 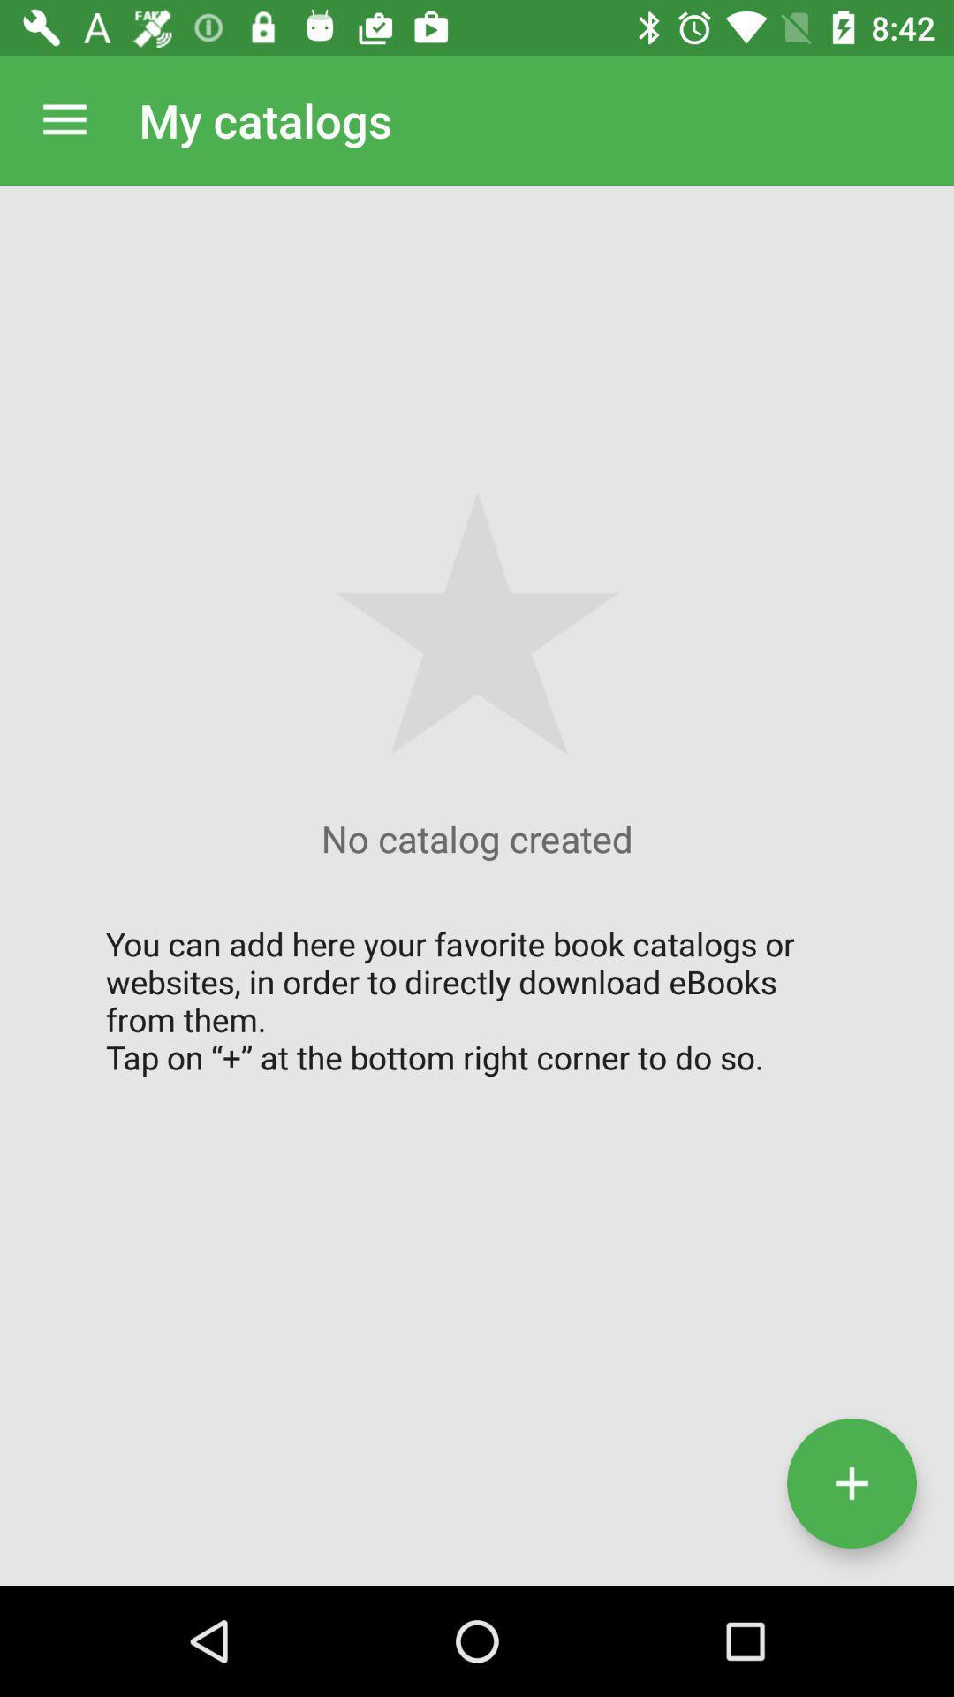 What do you see at coordinates (64, 119) in the screenshot?
I see `the icon next to the my catalogs icon` at bounding box center [64, 119].